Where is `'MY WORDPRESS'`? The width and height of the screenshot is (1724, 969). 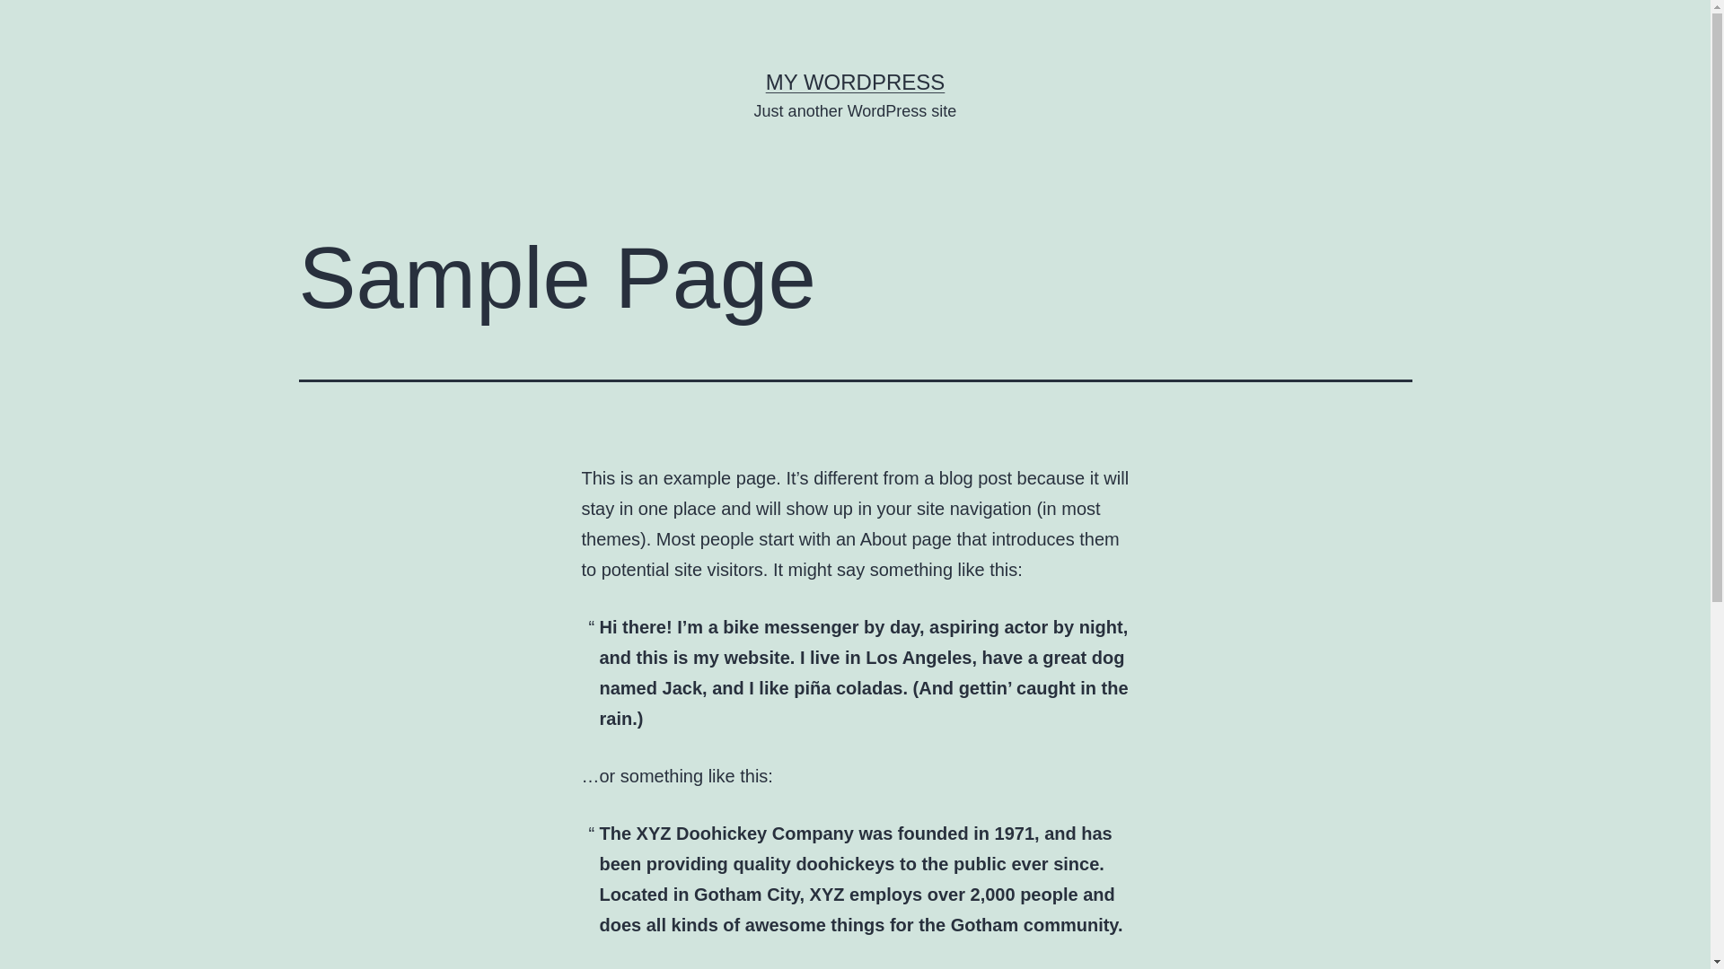 'MY WORDPRESS' is located at coordinates (855, 82).